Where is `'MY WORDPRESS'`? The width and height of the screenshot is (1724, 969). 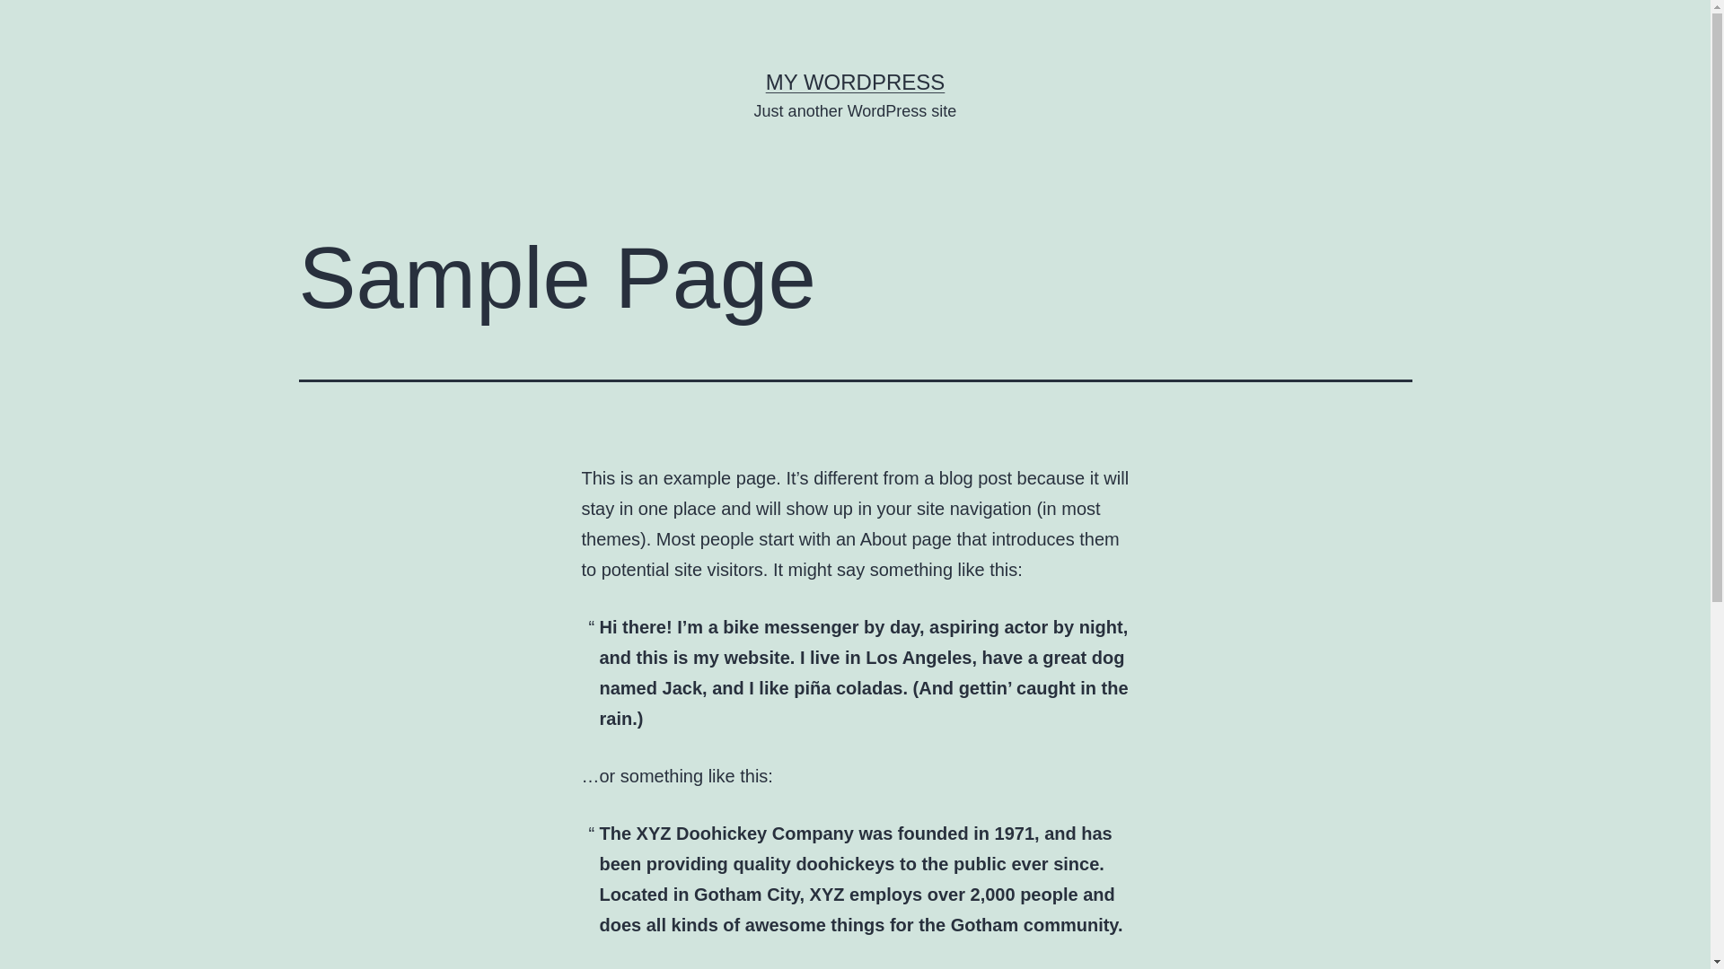 'MY WORDPRESS' is located at coordinates (855, 82).